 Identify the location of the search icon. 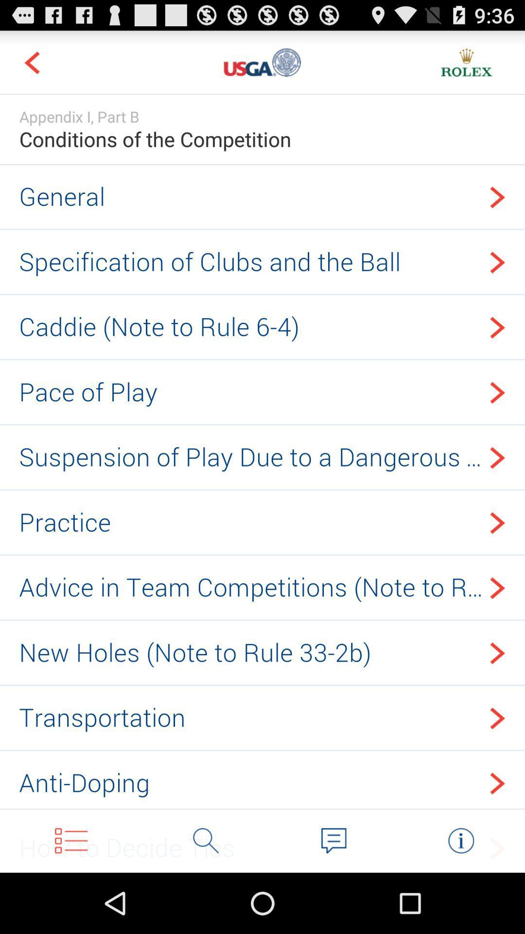
(206, 899).